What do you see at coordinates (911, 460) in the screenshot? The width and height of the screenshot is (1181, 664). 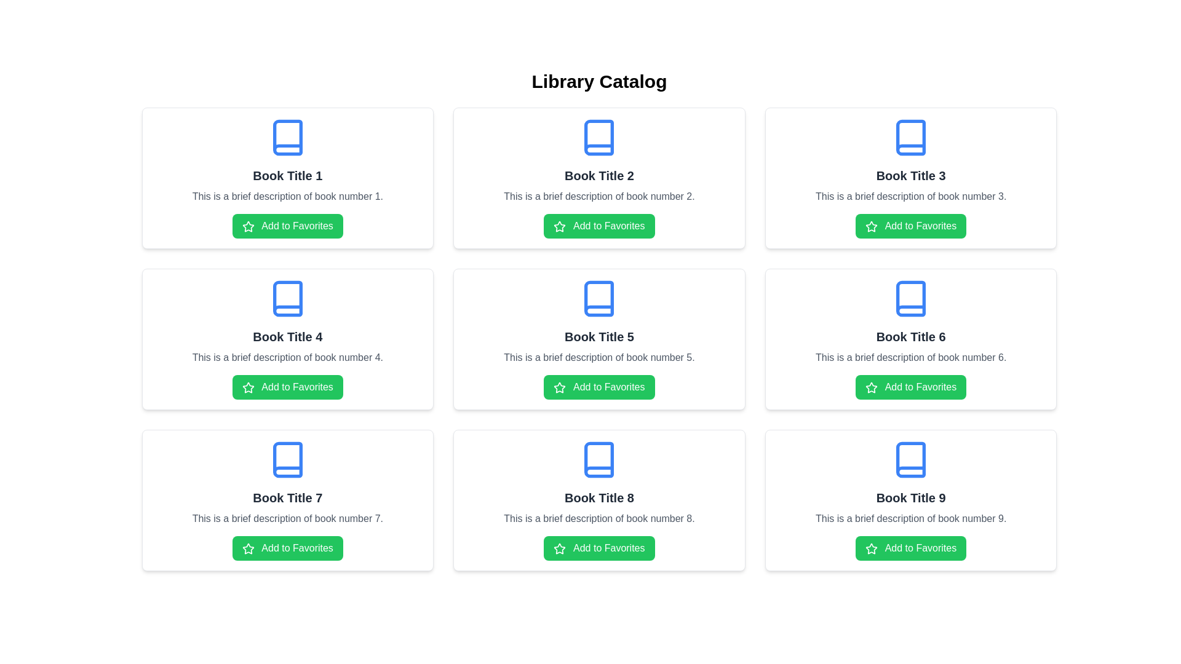 I see `the book icon located in the bottom-right card of the 3x3 grid layout, specifically above the title 'Book Title 9'` at bounding box center [911, 460].